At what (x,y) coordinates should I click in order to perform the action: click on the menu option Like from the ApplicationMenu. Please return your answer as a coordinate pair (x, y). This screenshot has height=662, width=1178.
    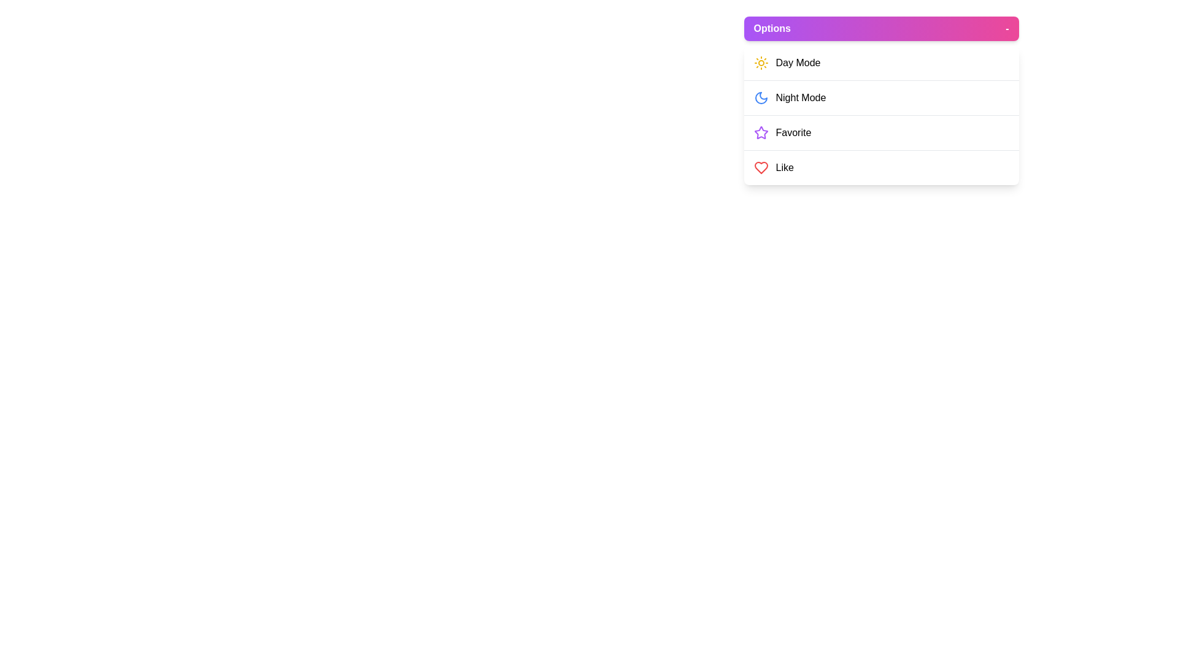
    Looking at the image, I should click on (880, 167).